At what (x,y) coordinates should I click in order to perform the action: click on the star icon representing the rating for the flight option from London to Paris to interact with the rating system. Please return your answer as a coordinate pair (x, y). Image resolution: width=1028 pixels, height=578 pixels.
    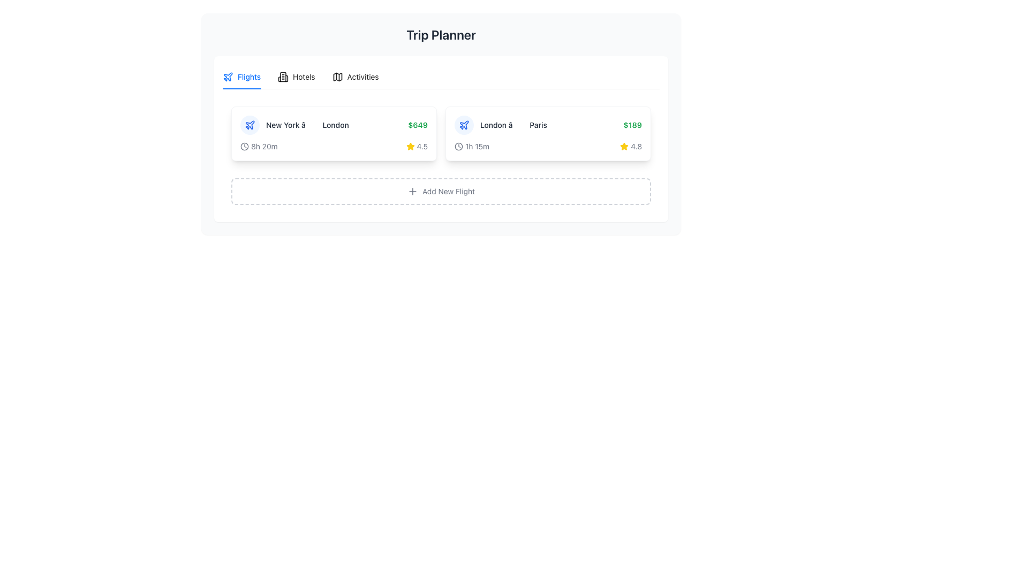
    Looking at the image, I should click on (624, 146).